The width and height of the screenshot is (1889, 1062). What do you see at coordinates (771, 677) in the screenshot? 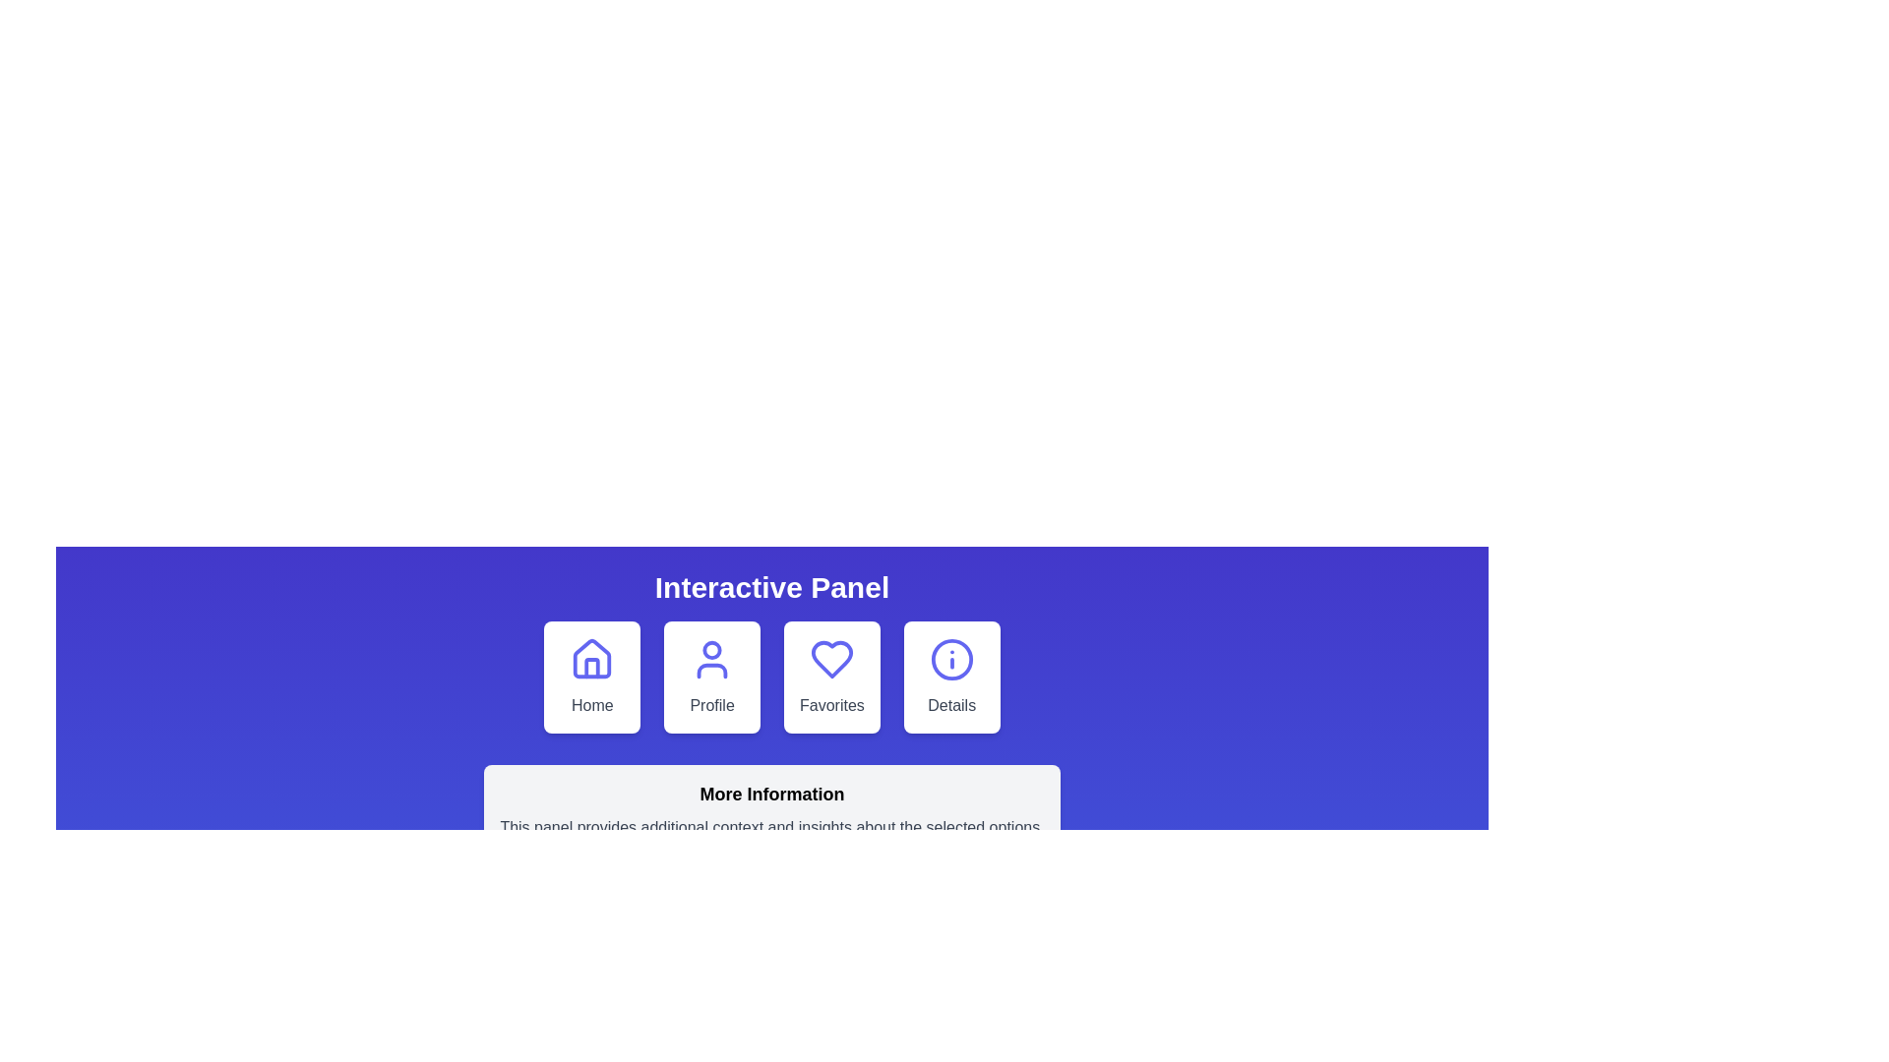
I see `the grid of navigation cards` at bounding box center [771, 677].